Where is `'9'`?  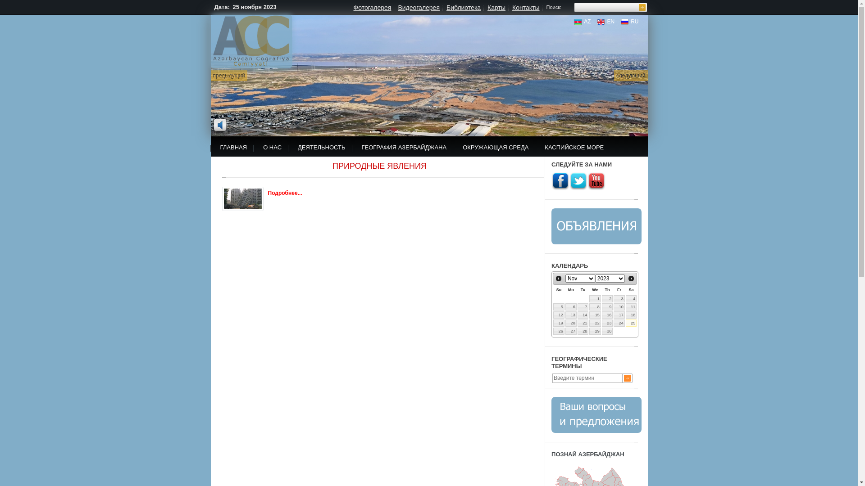 '9' is located at coordinates (607, 306).